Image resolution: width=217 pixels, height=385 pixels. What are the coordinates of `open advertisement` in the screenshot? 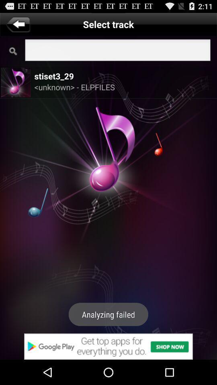 It's located at (108, 346).